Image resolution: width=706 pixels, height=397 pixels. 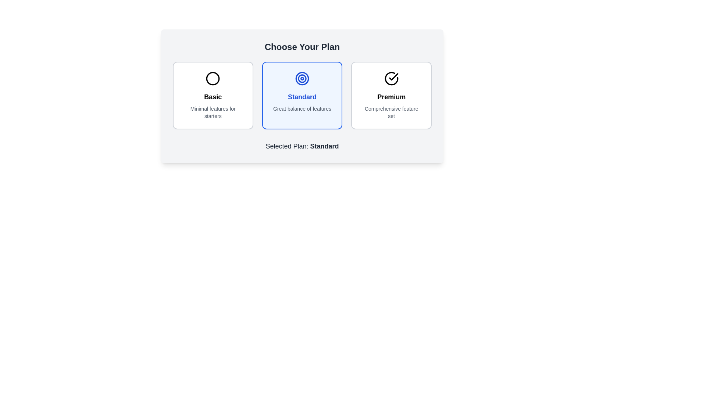 I want to click on the 'Standard' plan option card in the selection grid, so click(x=302, y=95).